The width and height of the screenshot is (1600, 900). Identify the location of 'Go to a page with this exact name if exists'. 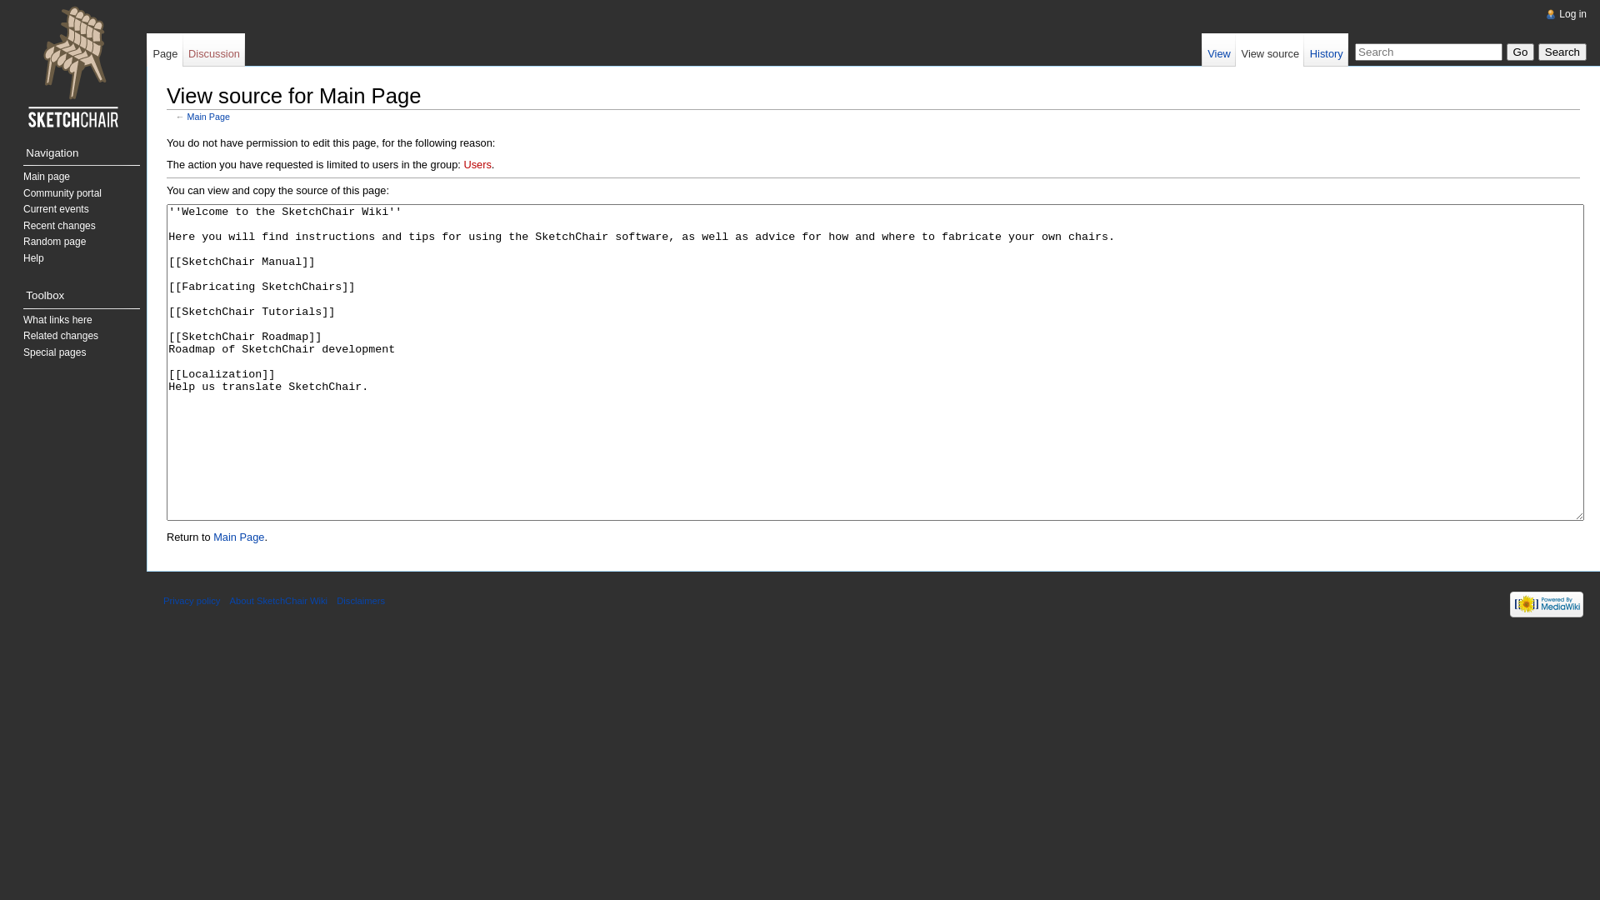
(1507, 51).